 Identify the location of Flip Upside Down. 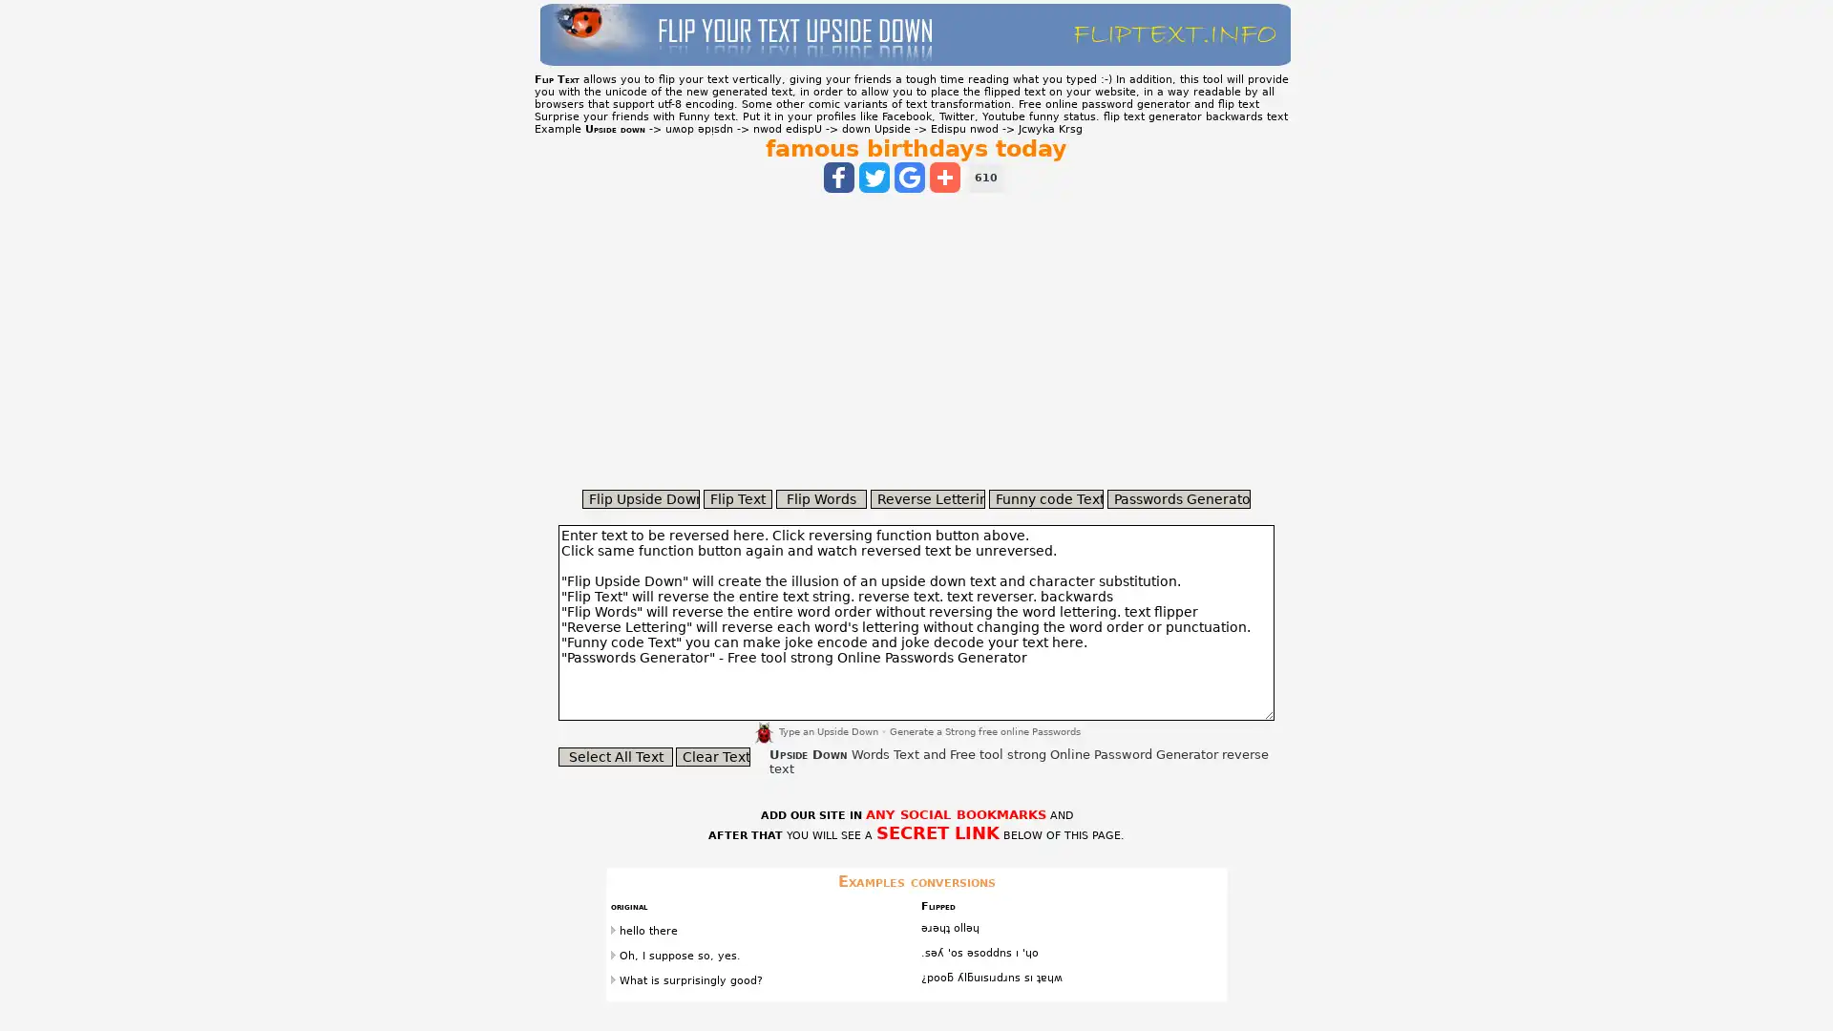
(641, 498).